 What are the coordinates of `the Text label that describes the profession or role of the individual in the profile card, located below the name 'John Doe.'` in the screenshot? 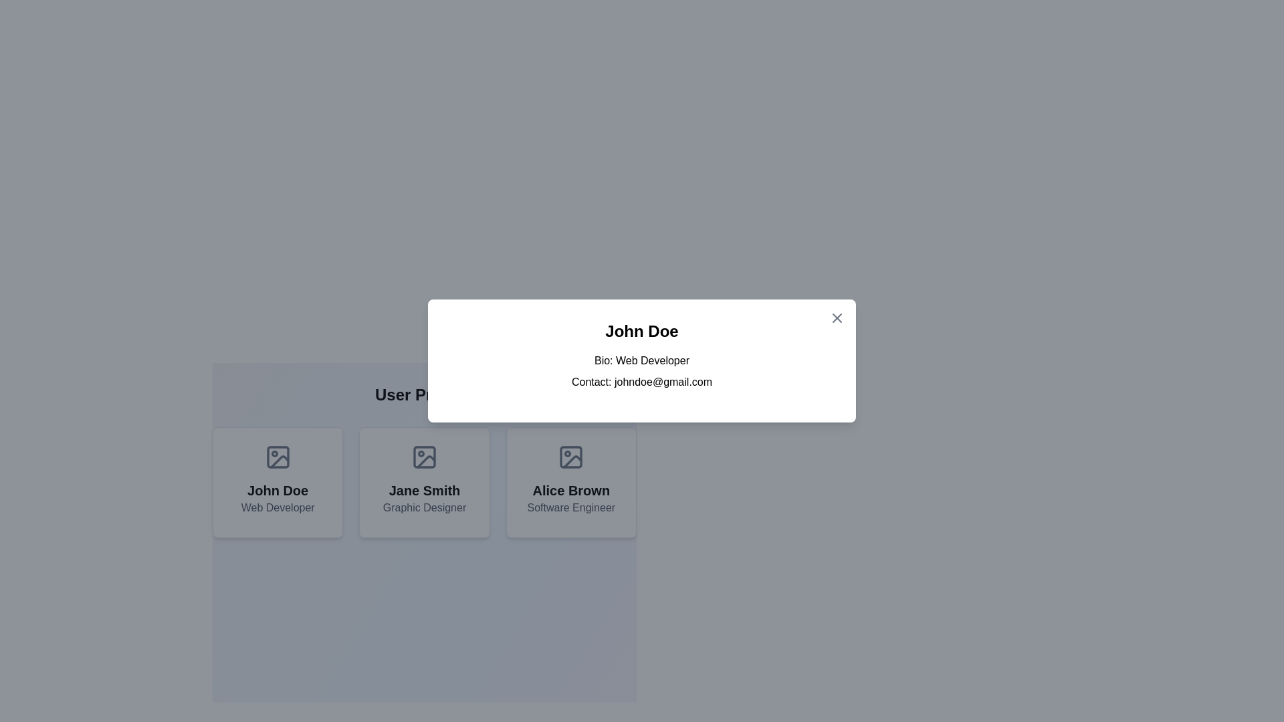 It's located at (277, 507).